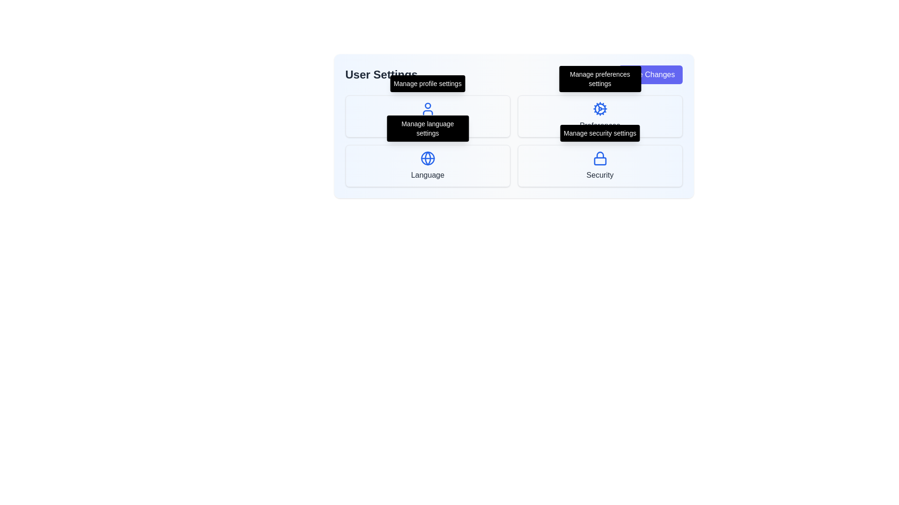 Image resolution: width=899 pixels, height=505 pixels. What do you see at coordinates (600, 116) in the screenshot?
I see `the 'Preferences' interactive card located in the top-right position of the grid layout` at bounding box center [600, 116].